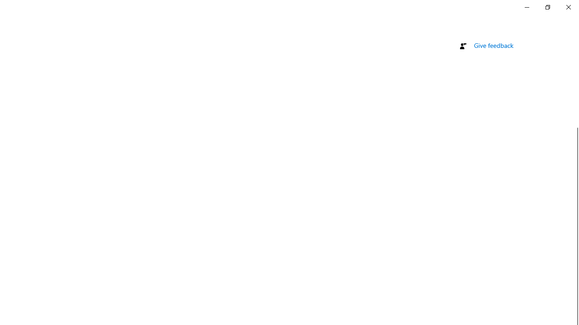 Image resolution: width=579 pixels, height=325 pixels. What do you see at coordinates (568, 7) in the screenshot?
I see `'Close Settings'` at bounding box center [568, 7].